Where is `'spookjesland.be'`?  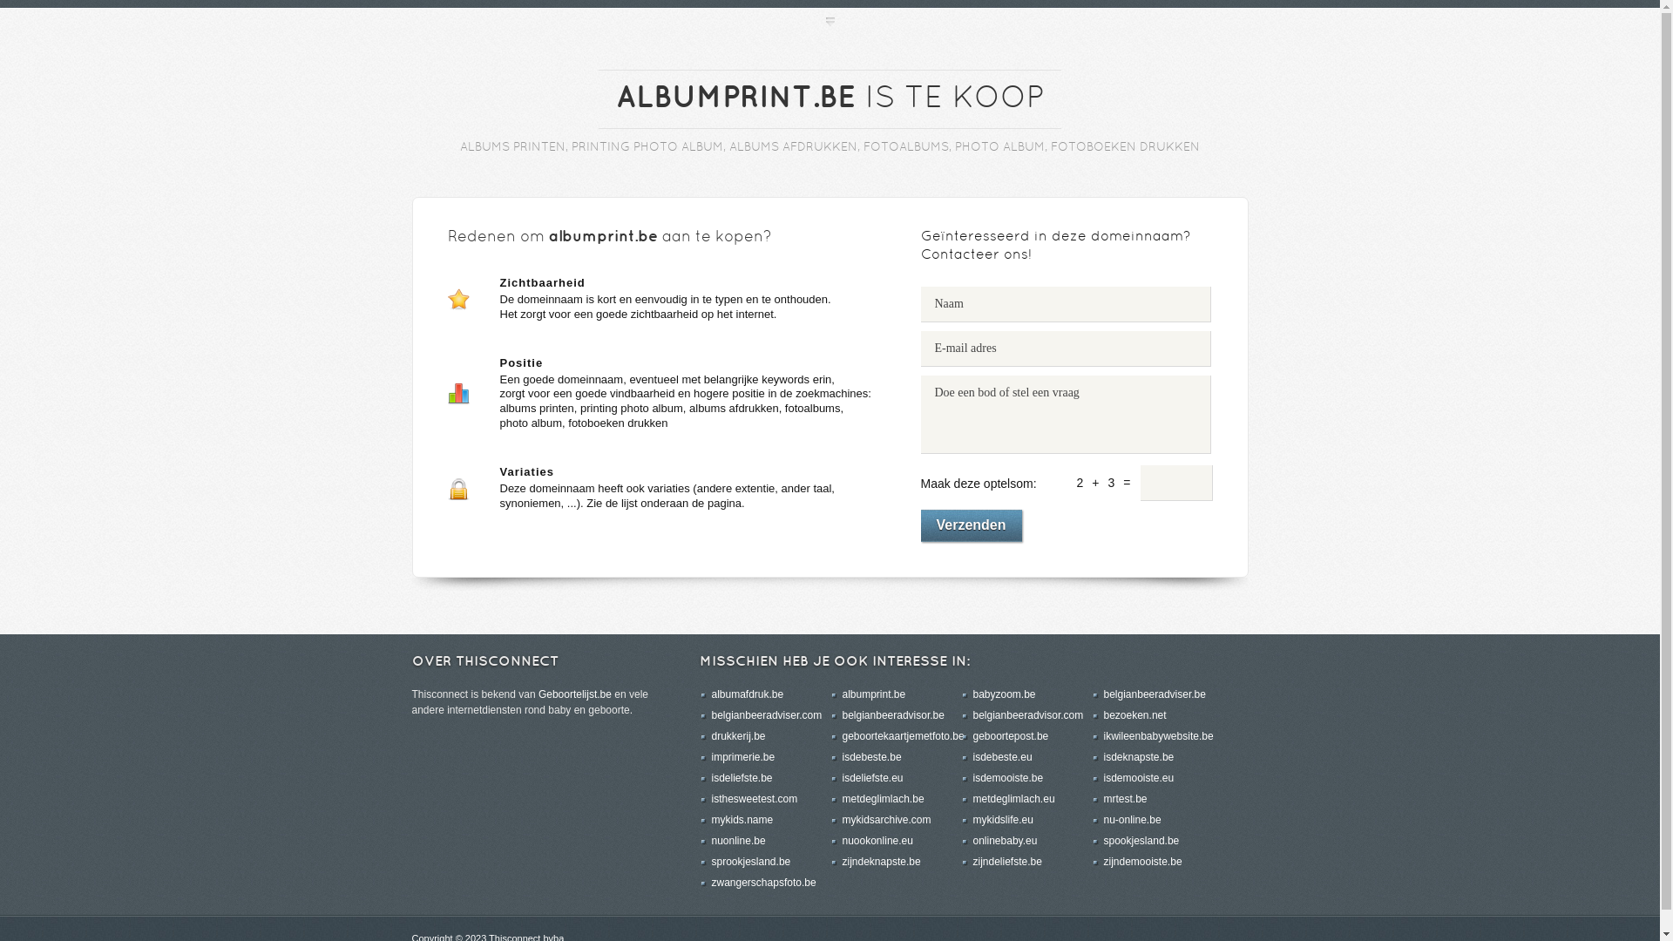
'spookjesland.be' is located at coordinates (1141, 839).